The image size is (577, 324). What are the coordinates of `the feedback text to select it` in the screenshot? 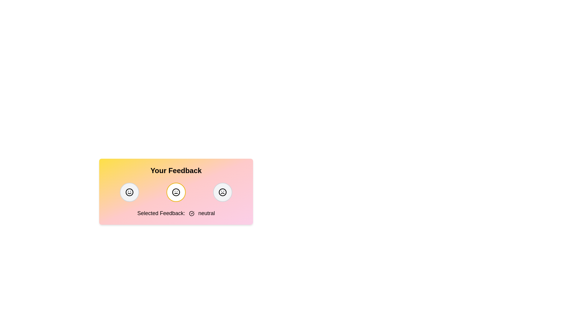 It's located at (176, 213).